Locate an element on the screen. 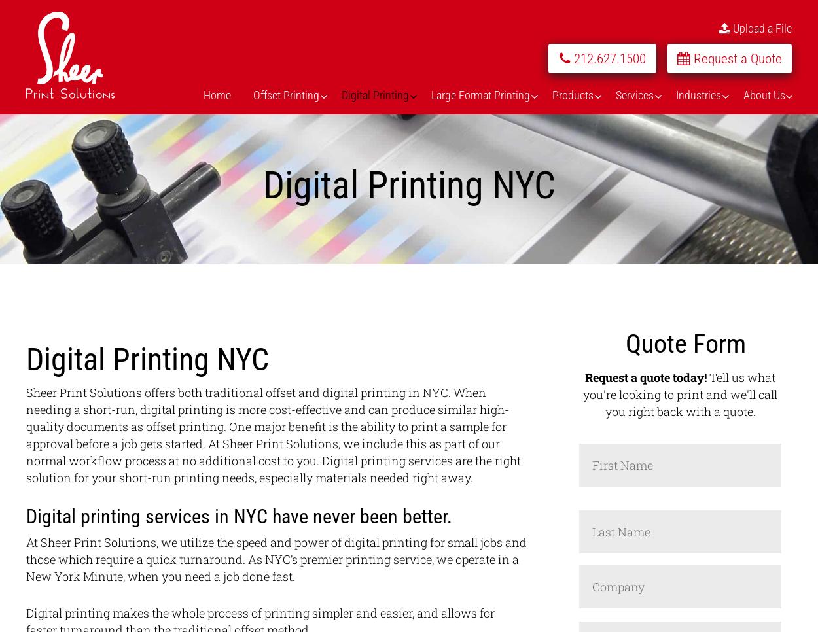 This screenshot has height=632, width=818. 'Quote Form' is located at coordinates (685, 343).